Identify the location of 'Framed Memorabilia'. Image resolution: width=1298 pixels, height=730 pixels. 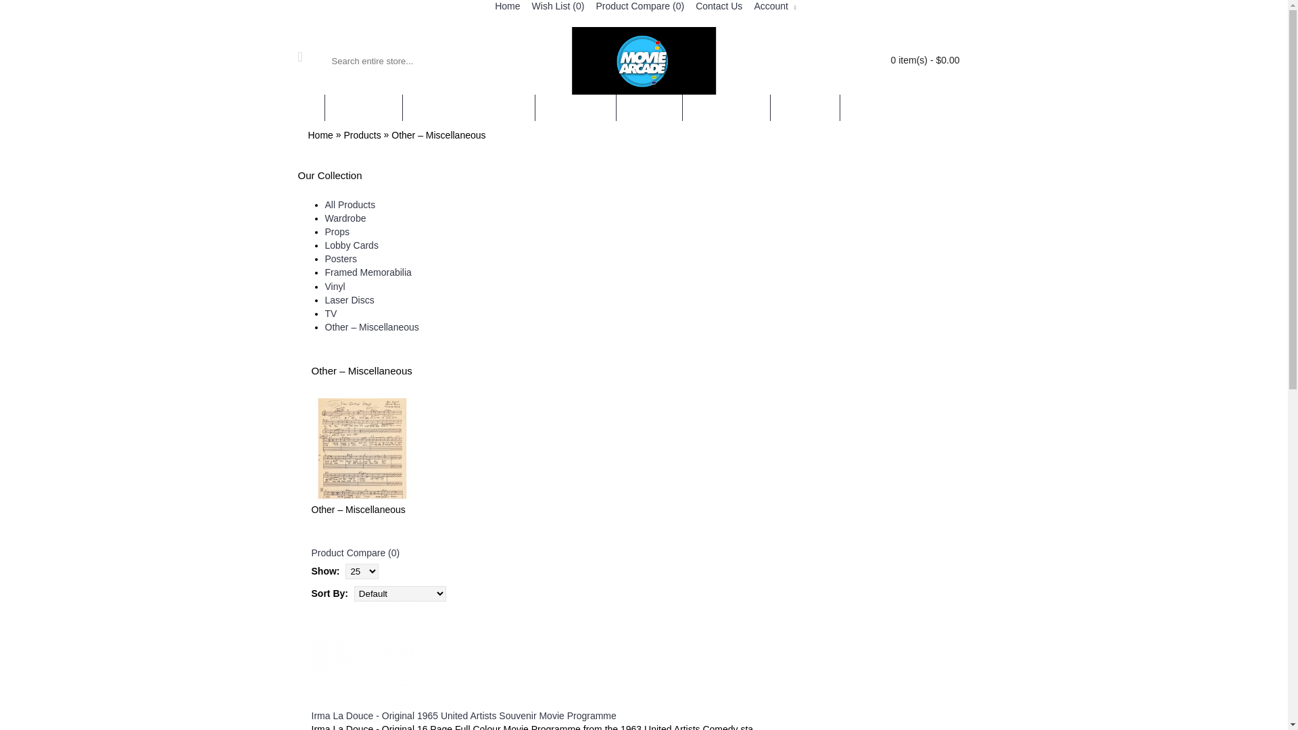
(367, 272).